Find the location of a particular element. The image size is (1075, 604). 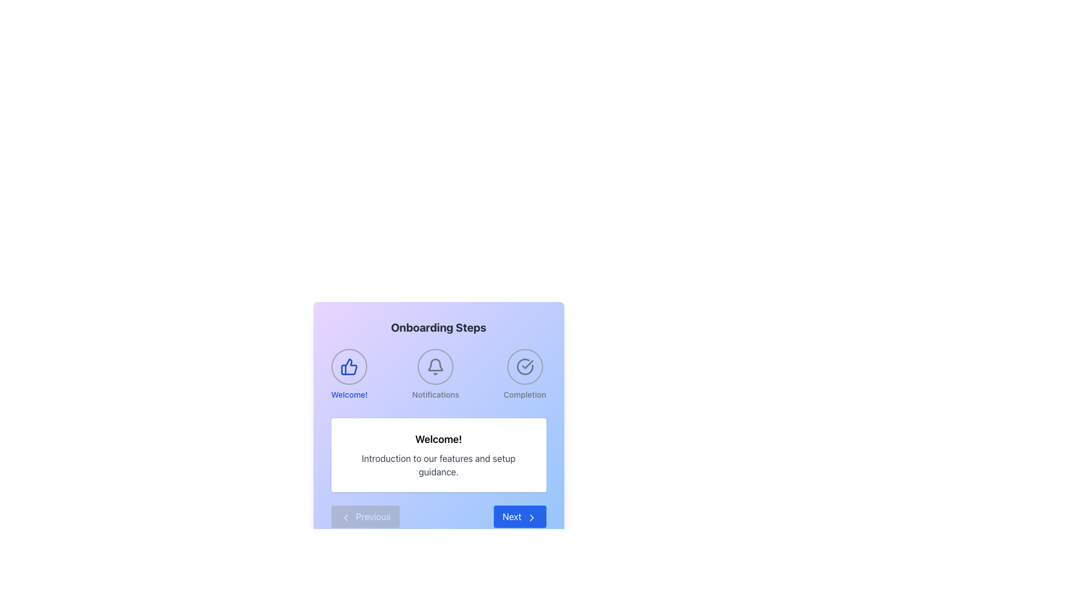

the right-pointing chevron arrow icon located at the center of the 'Next' button in the bottom-right of the interface is located at coordinates (531, 517).